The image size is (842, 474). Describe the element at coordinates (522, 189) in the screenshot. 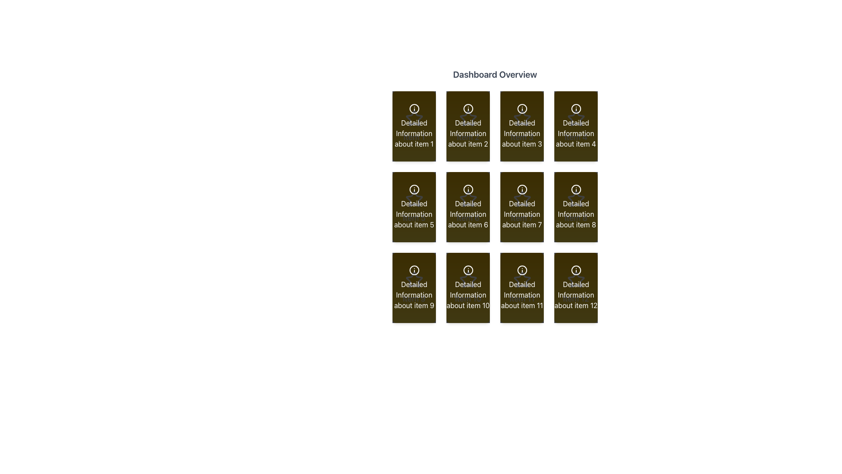

I see `the SVG icon representing an 'information' symbol located in the center of the tile labeled 'Detailed Information about item 7'` at that location.